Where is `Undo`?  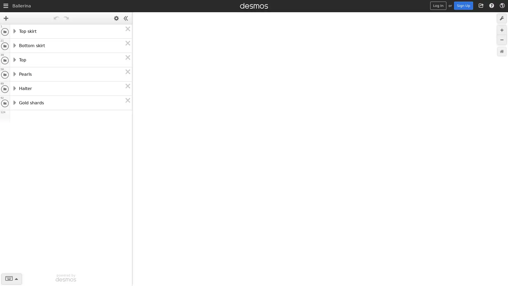 Undo is located at coordinates (56, 18).